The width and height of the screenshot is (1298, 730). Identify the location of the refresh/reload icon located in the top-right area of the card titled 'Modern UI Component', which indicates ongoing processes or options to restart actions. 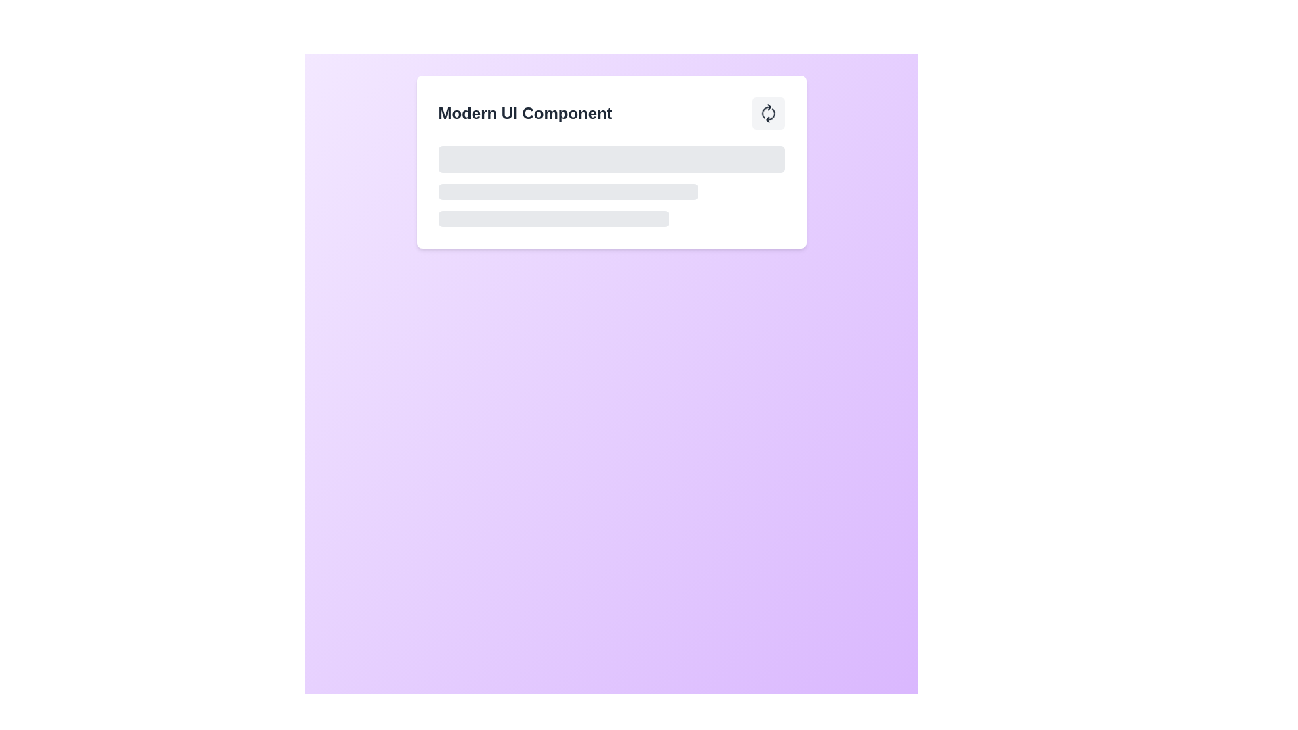
(768, 113).